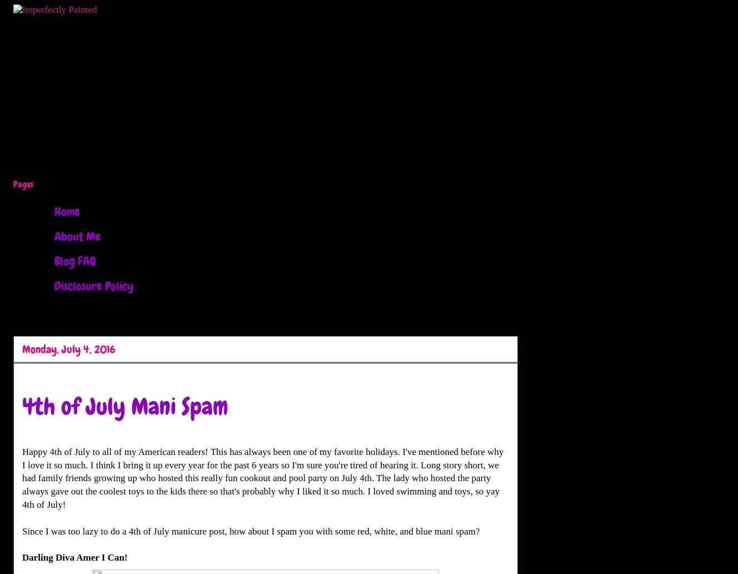 This screenshot has width=738, height=574. Describe the element at coordinates (77, 235) in the screenshot. I see `'About Me'` at that location.